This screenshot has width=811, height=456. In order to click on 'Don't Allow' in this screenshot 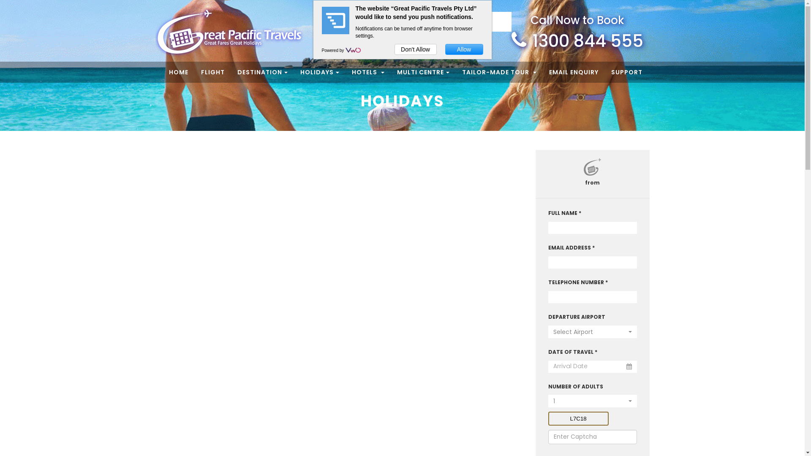, I will do `click(415, 49)`.